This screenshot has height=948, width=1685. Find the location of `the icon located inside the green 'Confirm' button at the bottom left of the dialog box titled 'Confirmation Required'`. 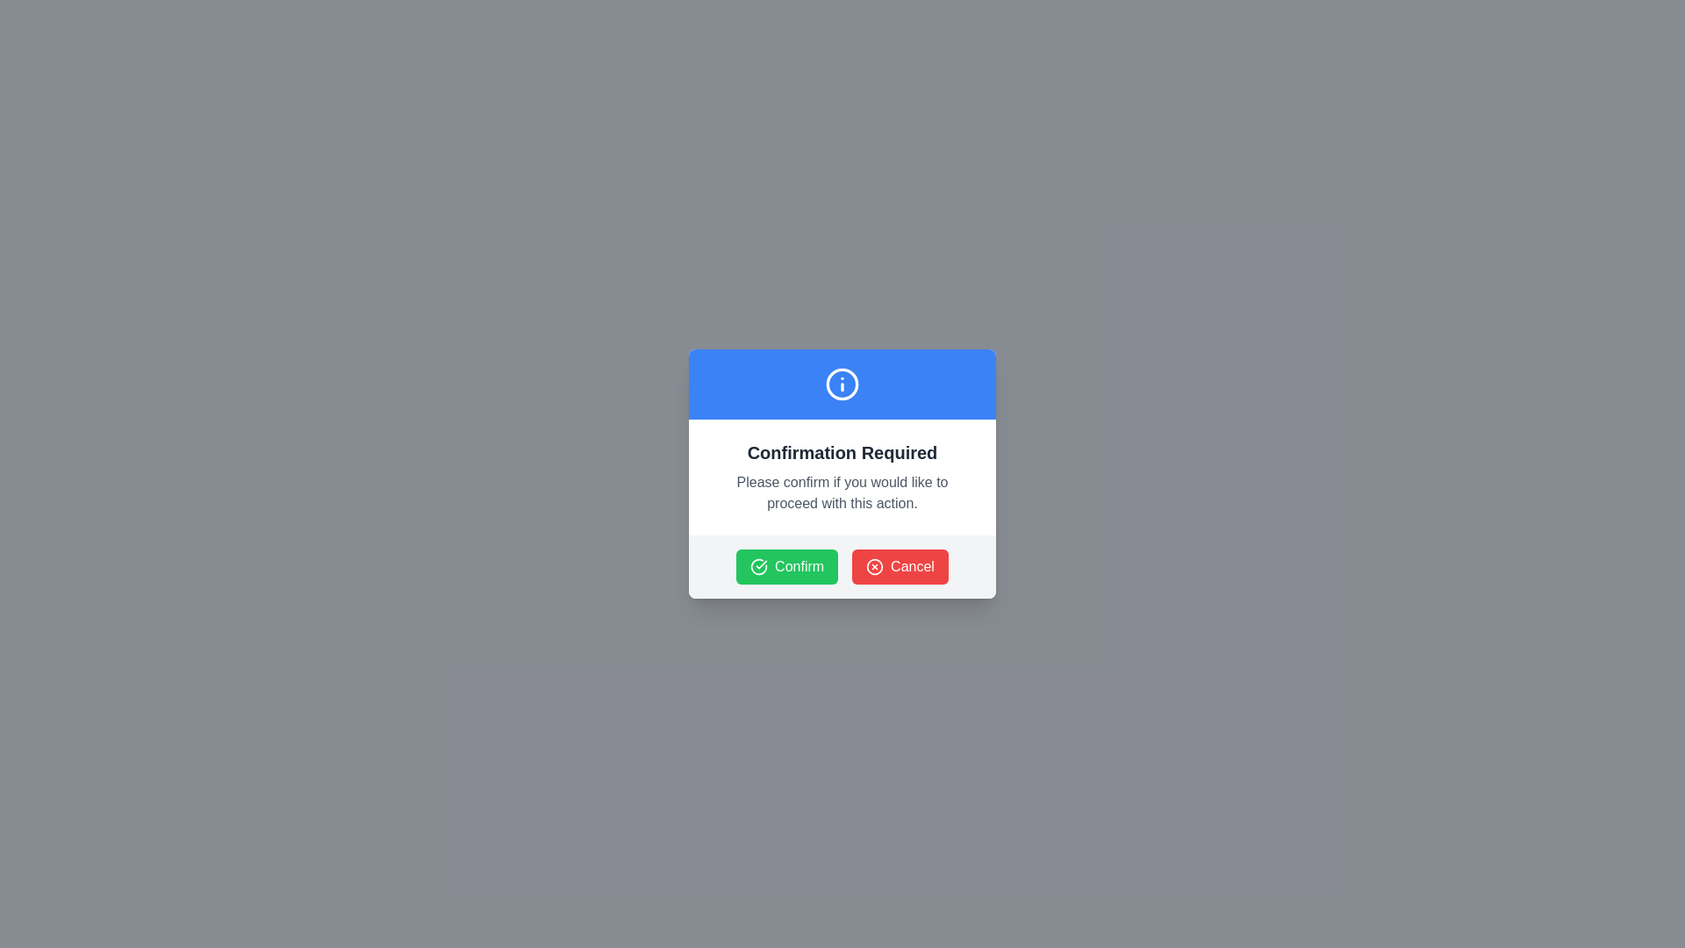

the icon located inside the green 'Confirm' button at the bottom left of the dialog box titled 'Confirmation Required' is located at coordinates (759, 566).